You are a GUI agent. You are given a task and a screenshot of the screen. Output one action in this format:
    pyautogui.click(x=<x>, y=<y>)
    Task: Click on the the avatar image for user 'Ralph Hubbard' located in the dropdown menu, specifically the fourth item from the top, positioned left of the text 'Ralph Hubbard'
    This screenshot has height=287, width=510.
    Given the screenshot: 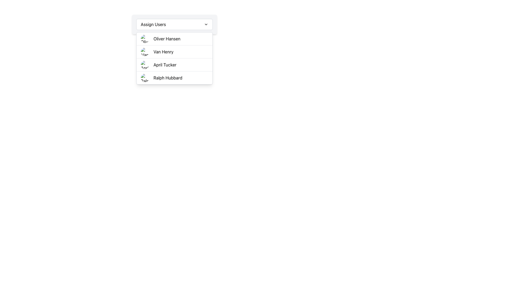 What is the action you would take?
    pyautogui.click(x=145, y=78)
    